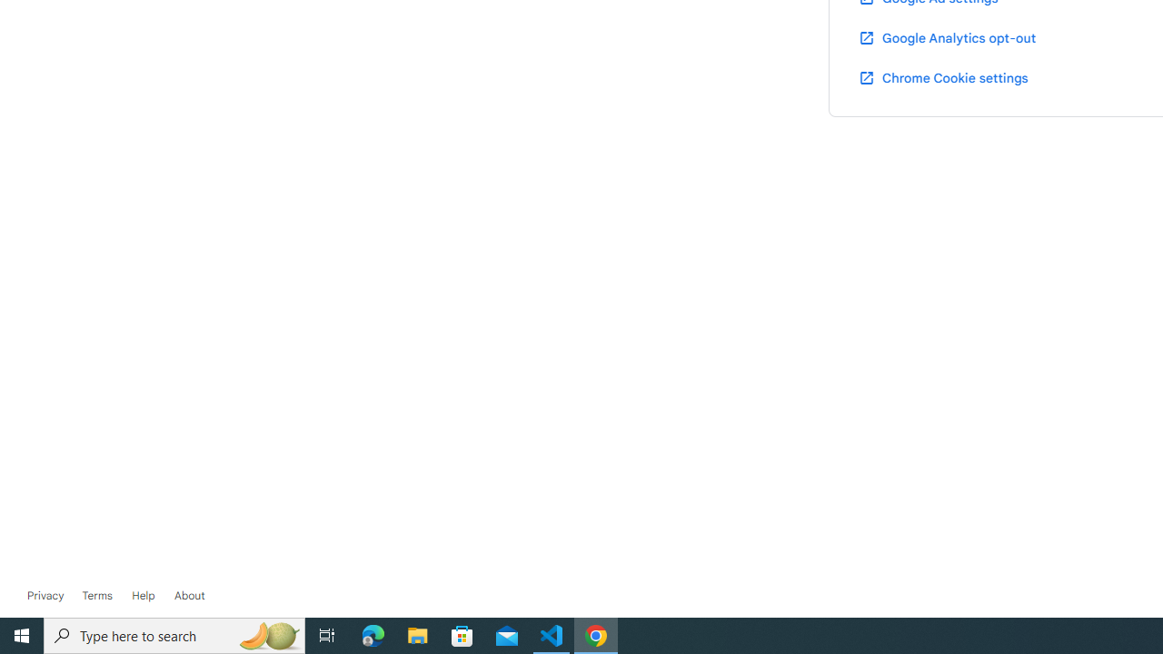  I want to click on 'Chrome Cookie settings', so click(943, 76).